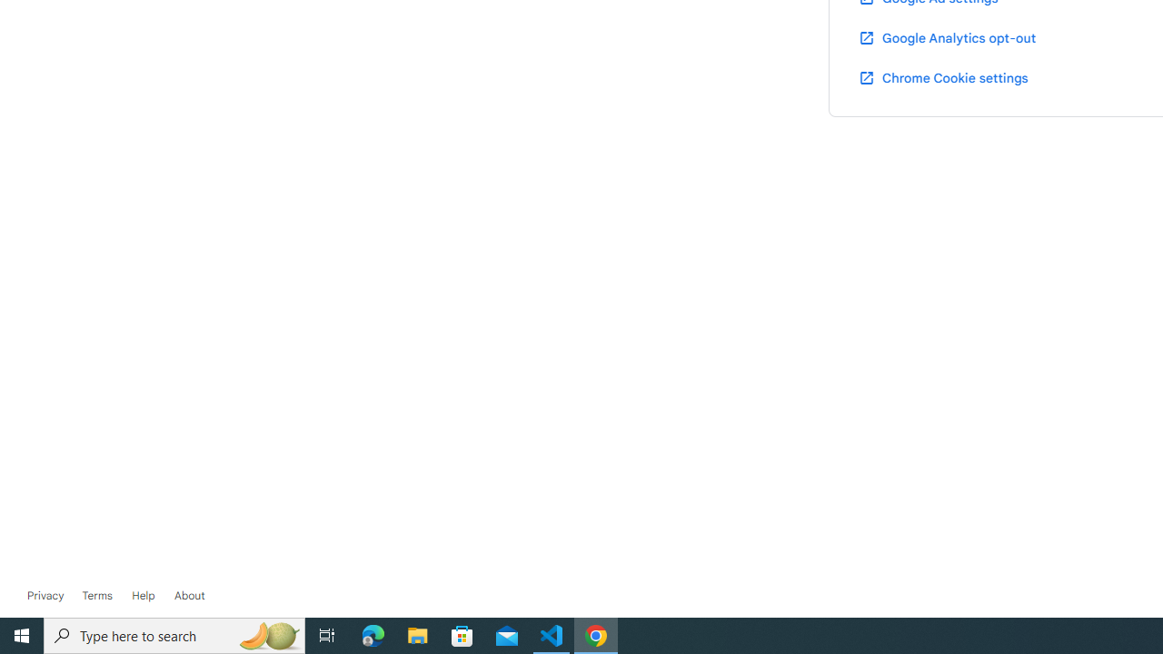  I want to click on 'Chrome Cookie settings', so click(943, 76).